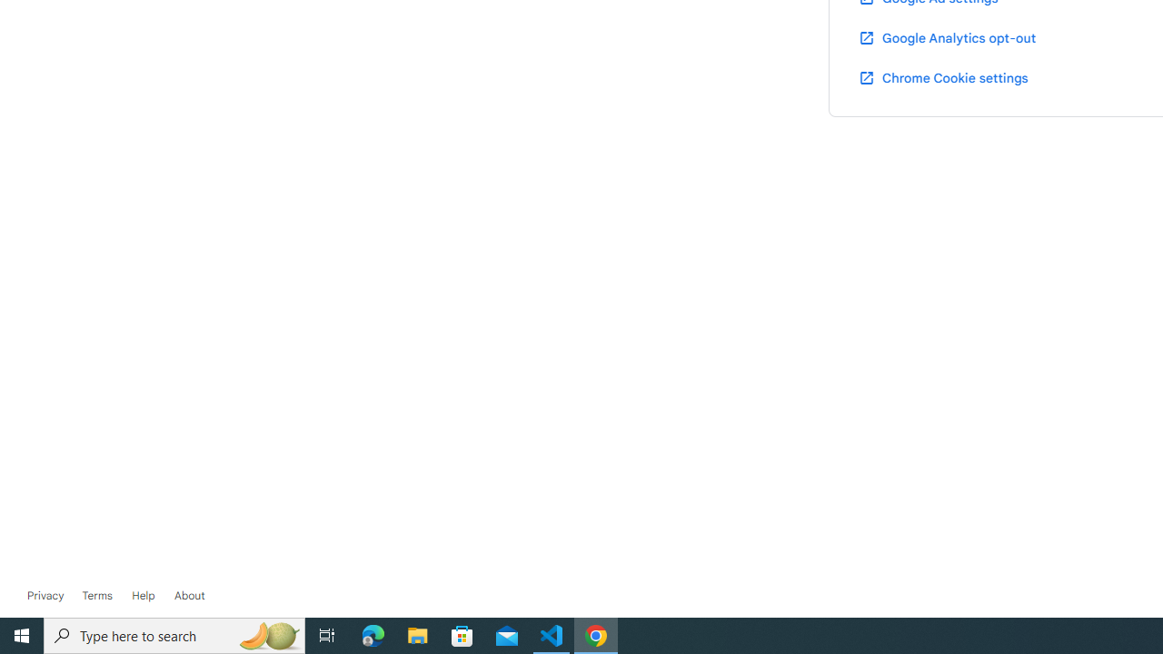  I want to click on 'Chrome Cookie settings', so click(943, 76).